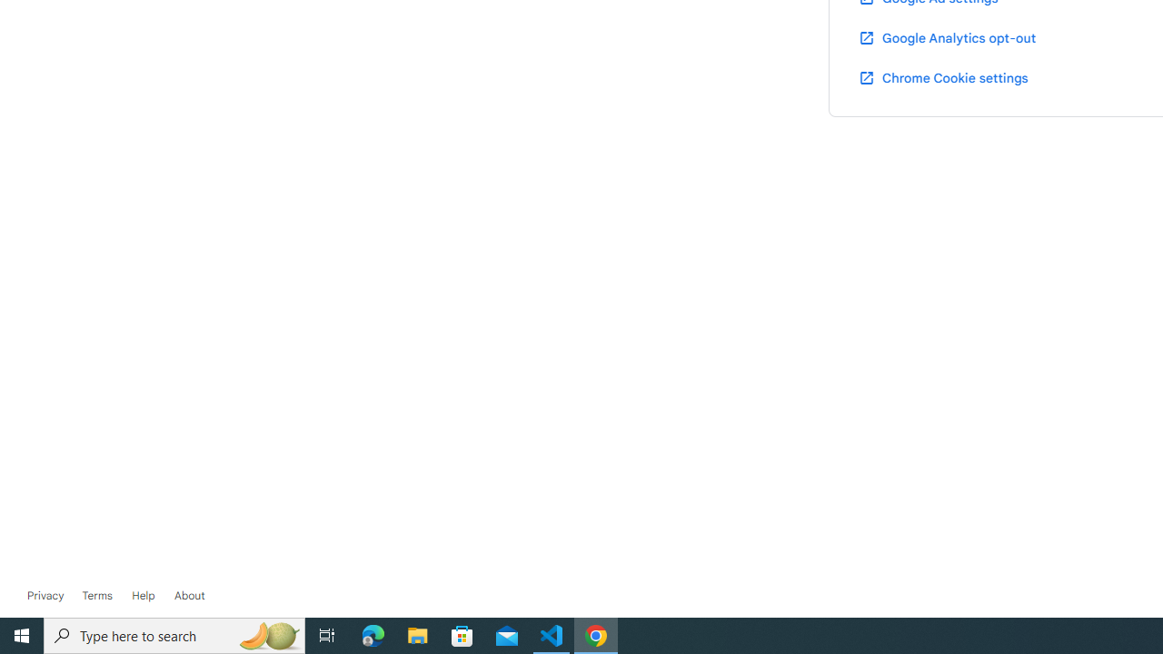  I want to click on 'Chrome Cookie settings', so click(943, 76).